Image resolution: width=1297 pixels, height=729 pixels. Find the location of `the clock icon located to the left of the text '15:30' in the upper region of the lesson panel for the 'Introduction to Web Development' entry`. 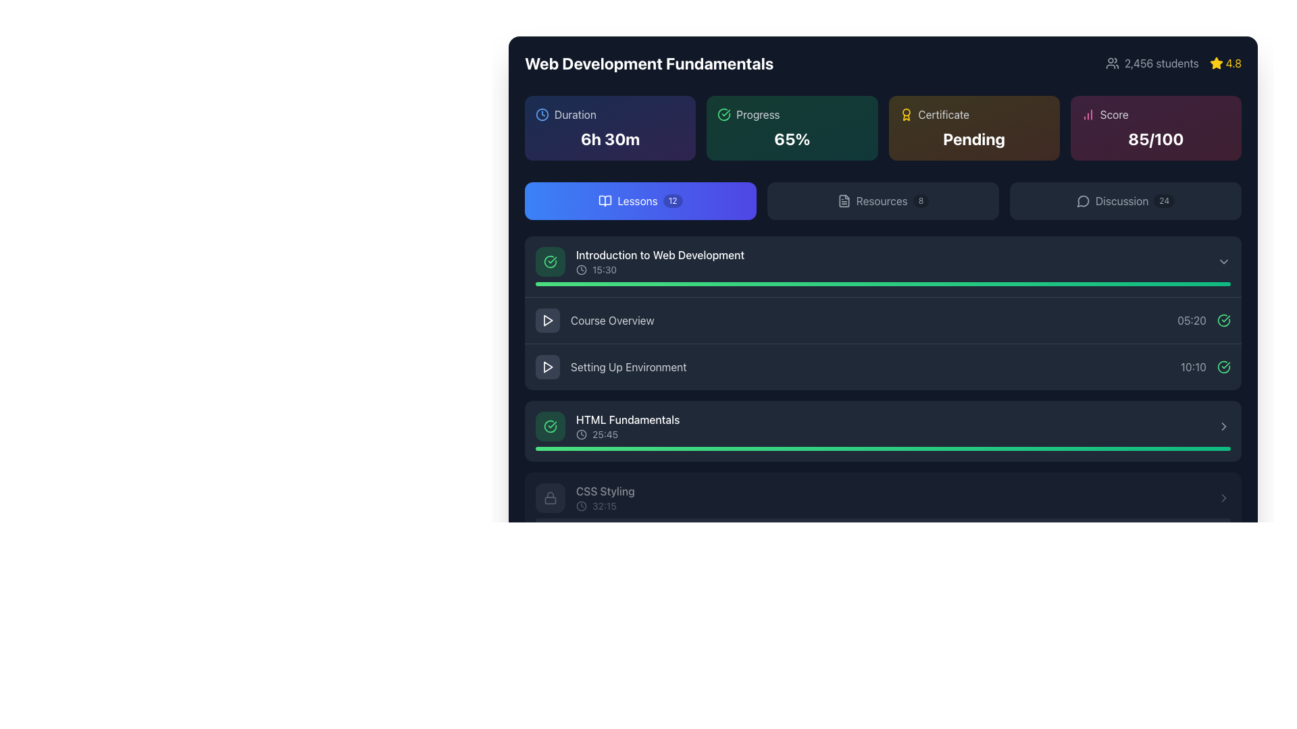

the clock icon located to the left of the text '15:30' in the upper region of the lesson panel for the 'Introduction to Web Development' entry is located at coordinates (581, 270).